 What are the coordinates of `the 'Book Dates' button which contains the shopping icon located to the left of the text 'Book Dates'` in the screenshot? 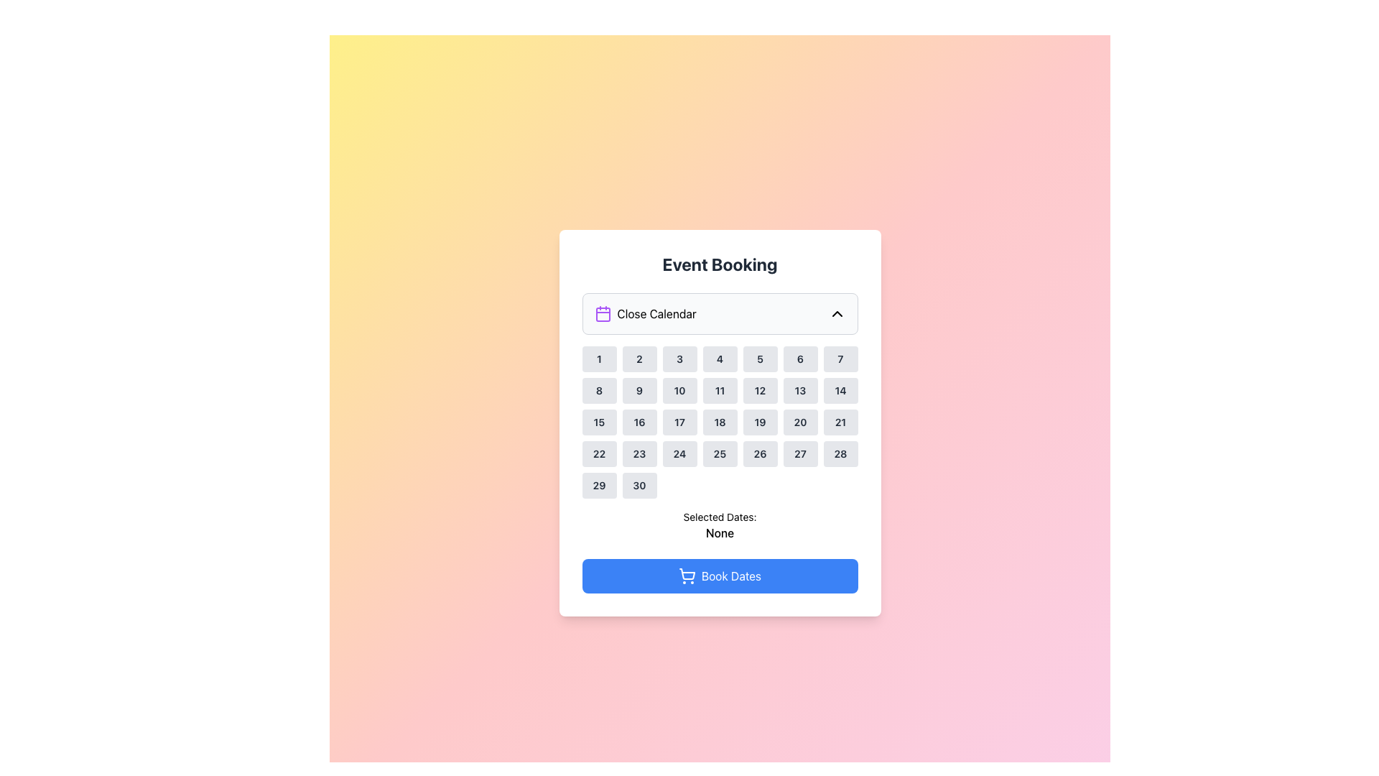 It's located at (686, 576).